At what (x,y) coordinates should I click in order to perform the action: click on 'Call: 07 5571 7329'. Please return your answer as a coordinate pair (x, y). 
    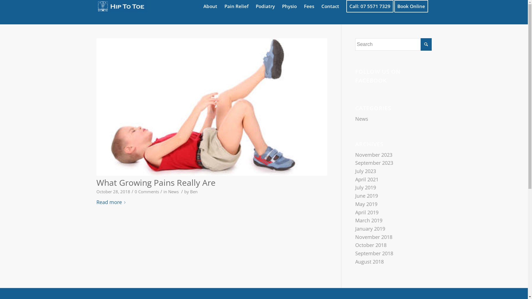
    Looking at the image, I should click on (370, 6).